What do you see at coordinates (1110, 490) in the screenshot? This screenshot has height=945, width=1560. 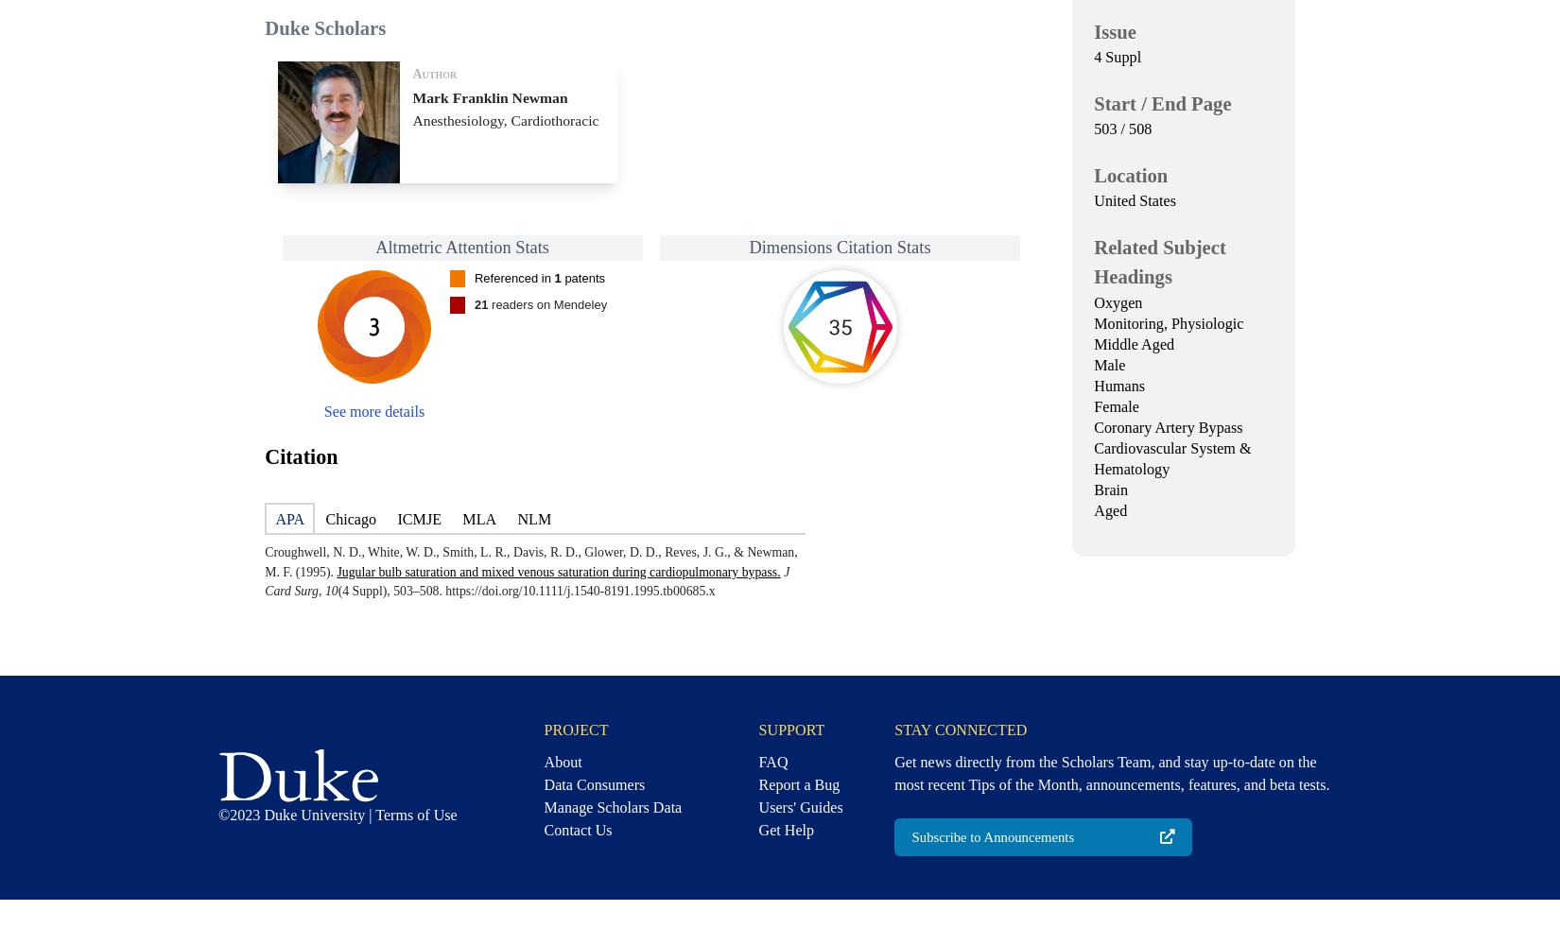 I see `'Brain'` at bounding box center [1110, 490].